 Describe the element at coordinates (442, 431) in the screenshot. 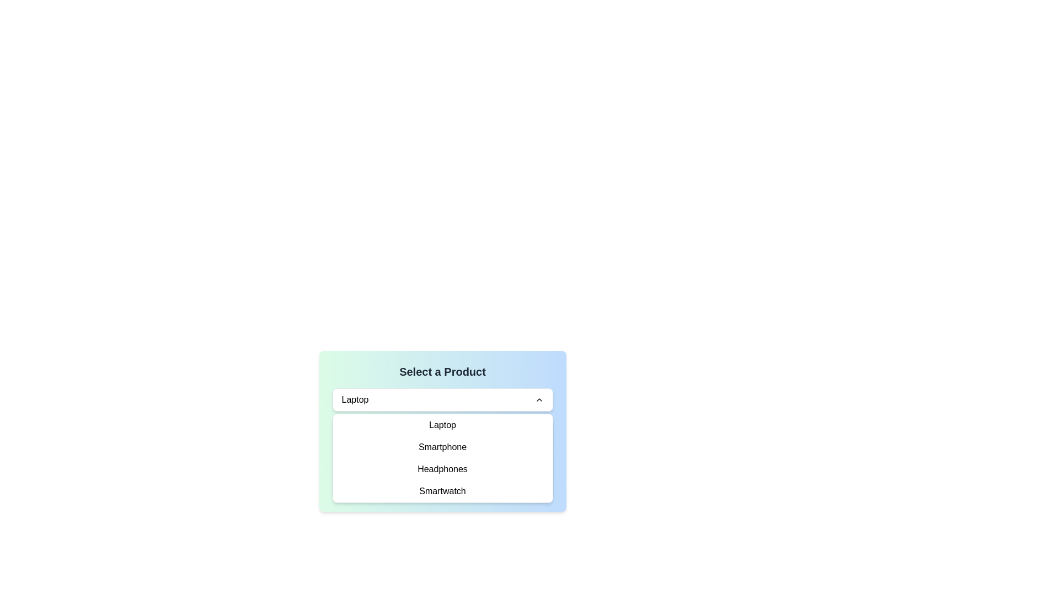

I see `the options in the dropdown menu titled 'Select a Product'` at that location.